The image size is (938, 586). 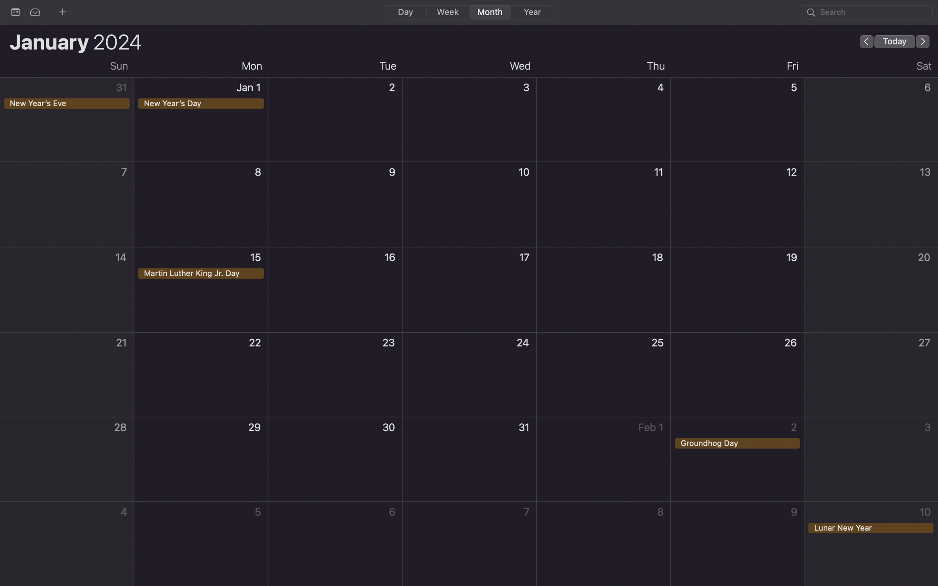 I want to click on Schedule an event for the 2nd of January, so click(x=335, y=122).